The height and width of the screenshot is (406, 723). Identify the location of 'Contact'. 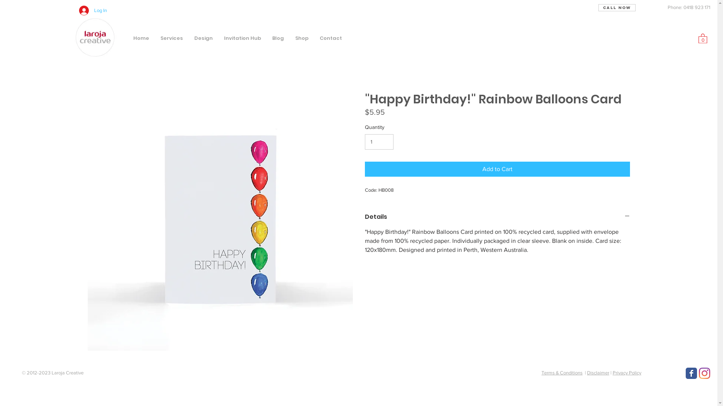
(331, 38).